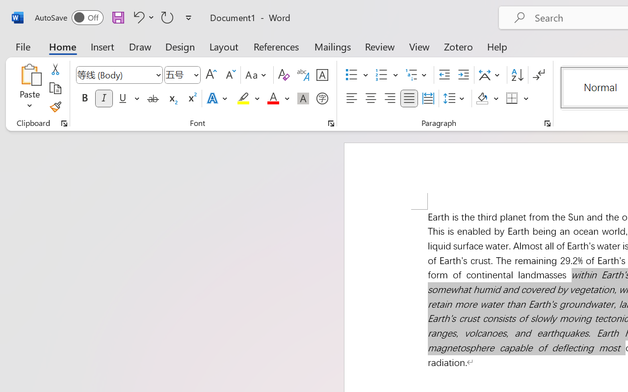 The width and height of the screenshot is (628, 392). Describe the element at coordinates (487, 98) in the screenshot. I see `'Shading'` at that location.